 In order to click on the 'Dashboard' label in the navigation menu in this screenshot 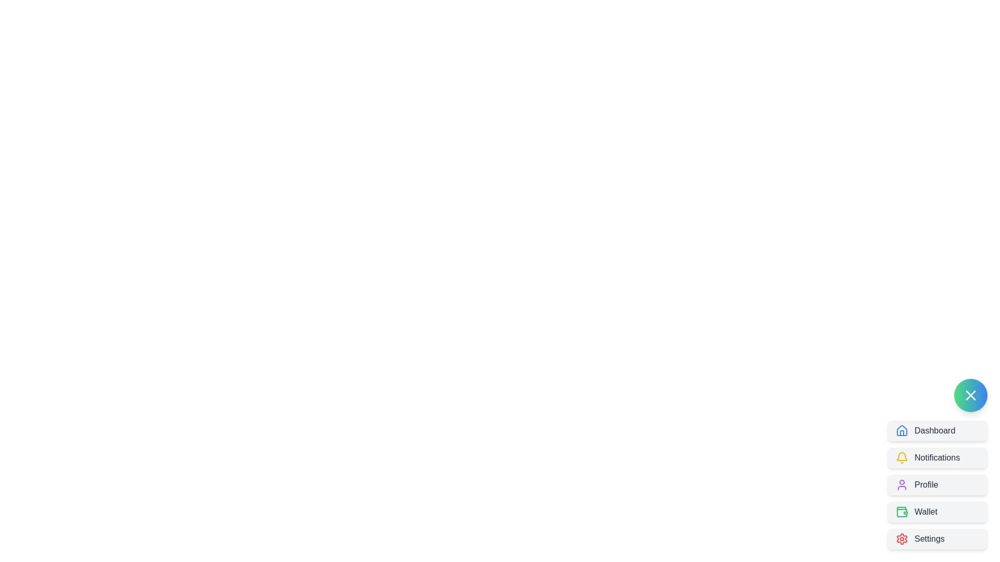, I will do `click(935, 431)`.